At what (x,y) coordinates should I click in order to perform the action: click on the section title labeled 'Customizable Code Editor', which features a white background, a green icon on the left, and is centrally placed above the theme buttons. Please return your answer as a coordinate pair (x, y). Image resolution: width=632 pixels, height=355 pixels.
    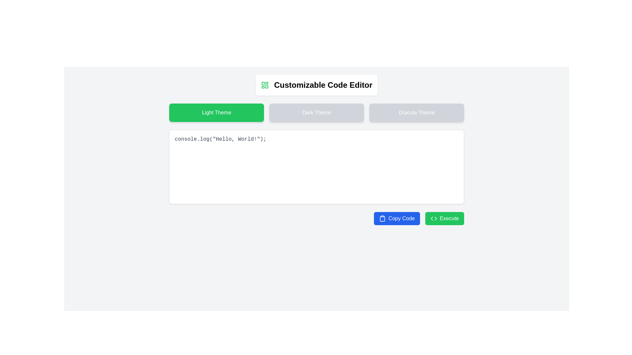
    Looking at the image, I should click on (316, 84).